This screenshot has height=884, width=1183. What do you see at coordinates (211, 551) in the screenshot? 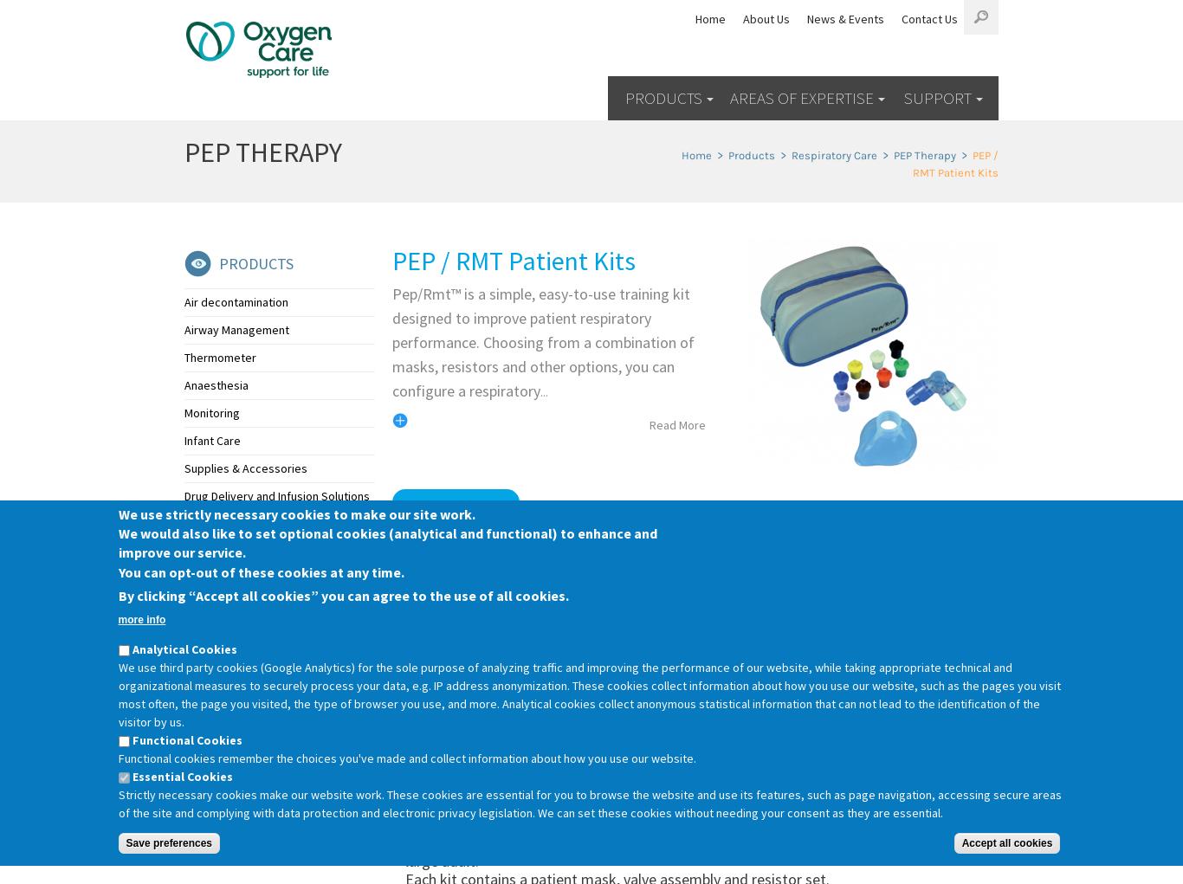
I see `'Ventilation'` at bounding box center [211, 551].